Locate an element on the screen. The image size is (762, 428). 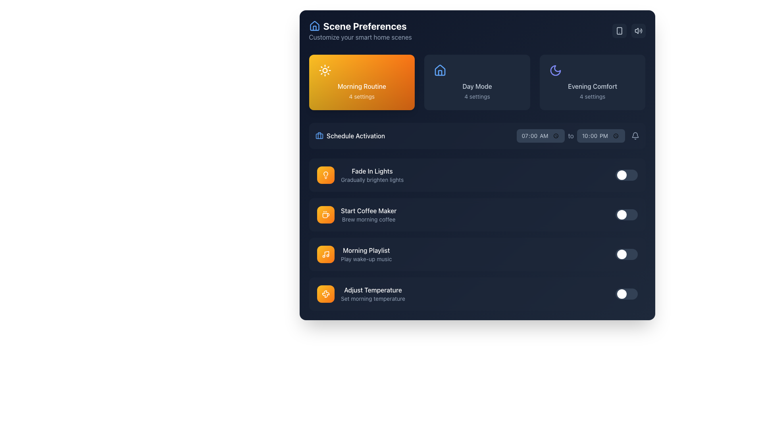
the toggle switch located to the far right of the 'Fade In Lights' text in the 'Scene Preferences' section to switch it on or off is located at coordinates (626, 175).